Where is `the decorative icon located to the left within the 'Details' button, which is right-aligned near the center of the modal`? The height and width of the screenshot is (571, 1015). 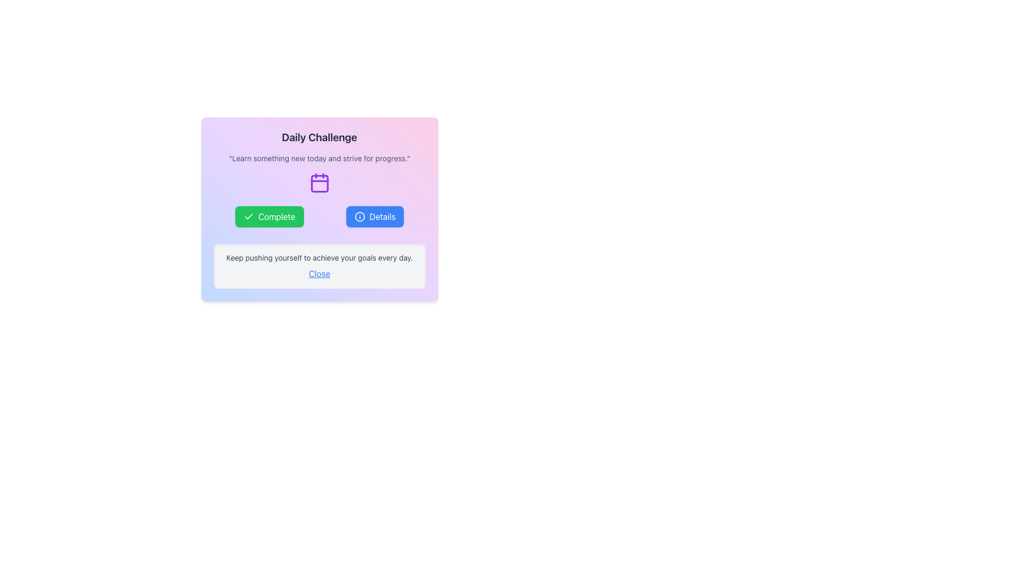
the decorative icon located to the left within the 'Details' button, which is right-aligned near the center of the modal is located at coordinates (359, 216).